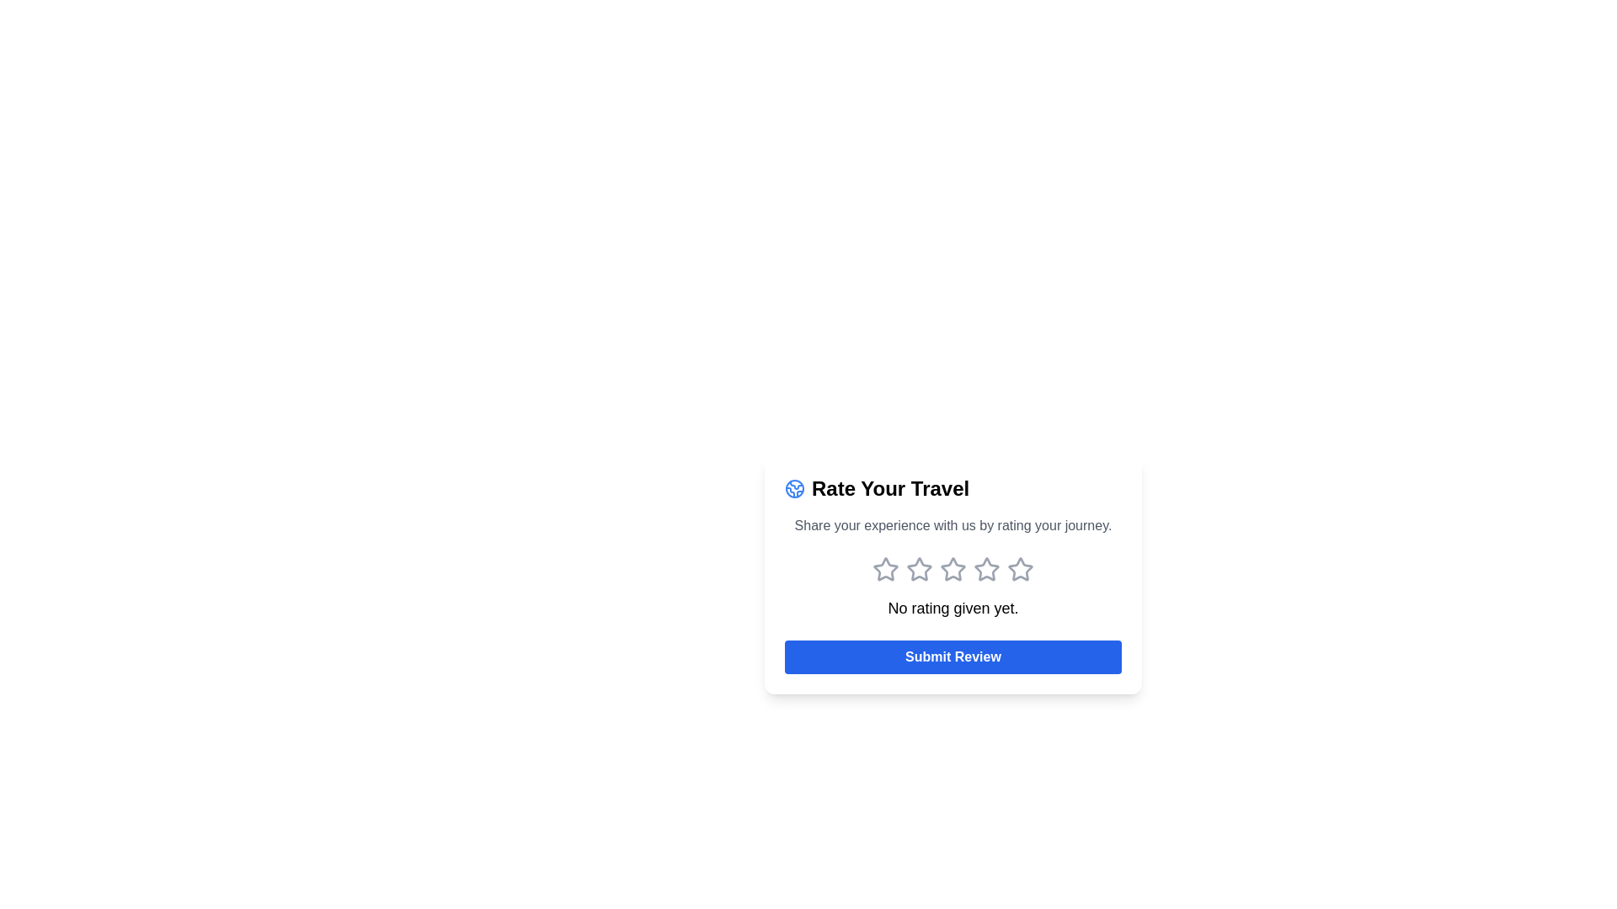  Describe the element at coordinates (953, 569) in the screenshot. I see `the third star in the sequence of five stars in the 'Rate Your Travel' rating form to assign a 3-star rating` at that location.